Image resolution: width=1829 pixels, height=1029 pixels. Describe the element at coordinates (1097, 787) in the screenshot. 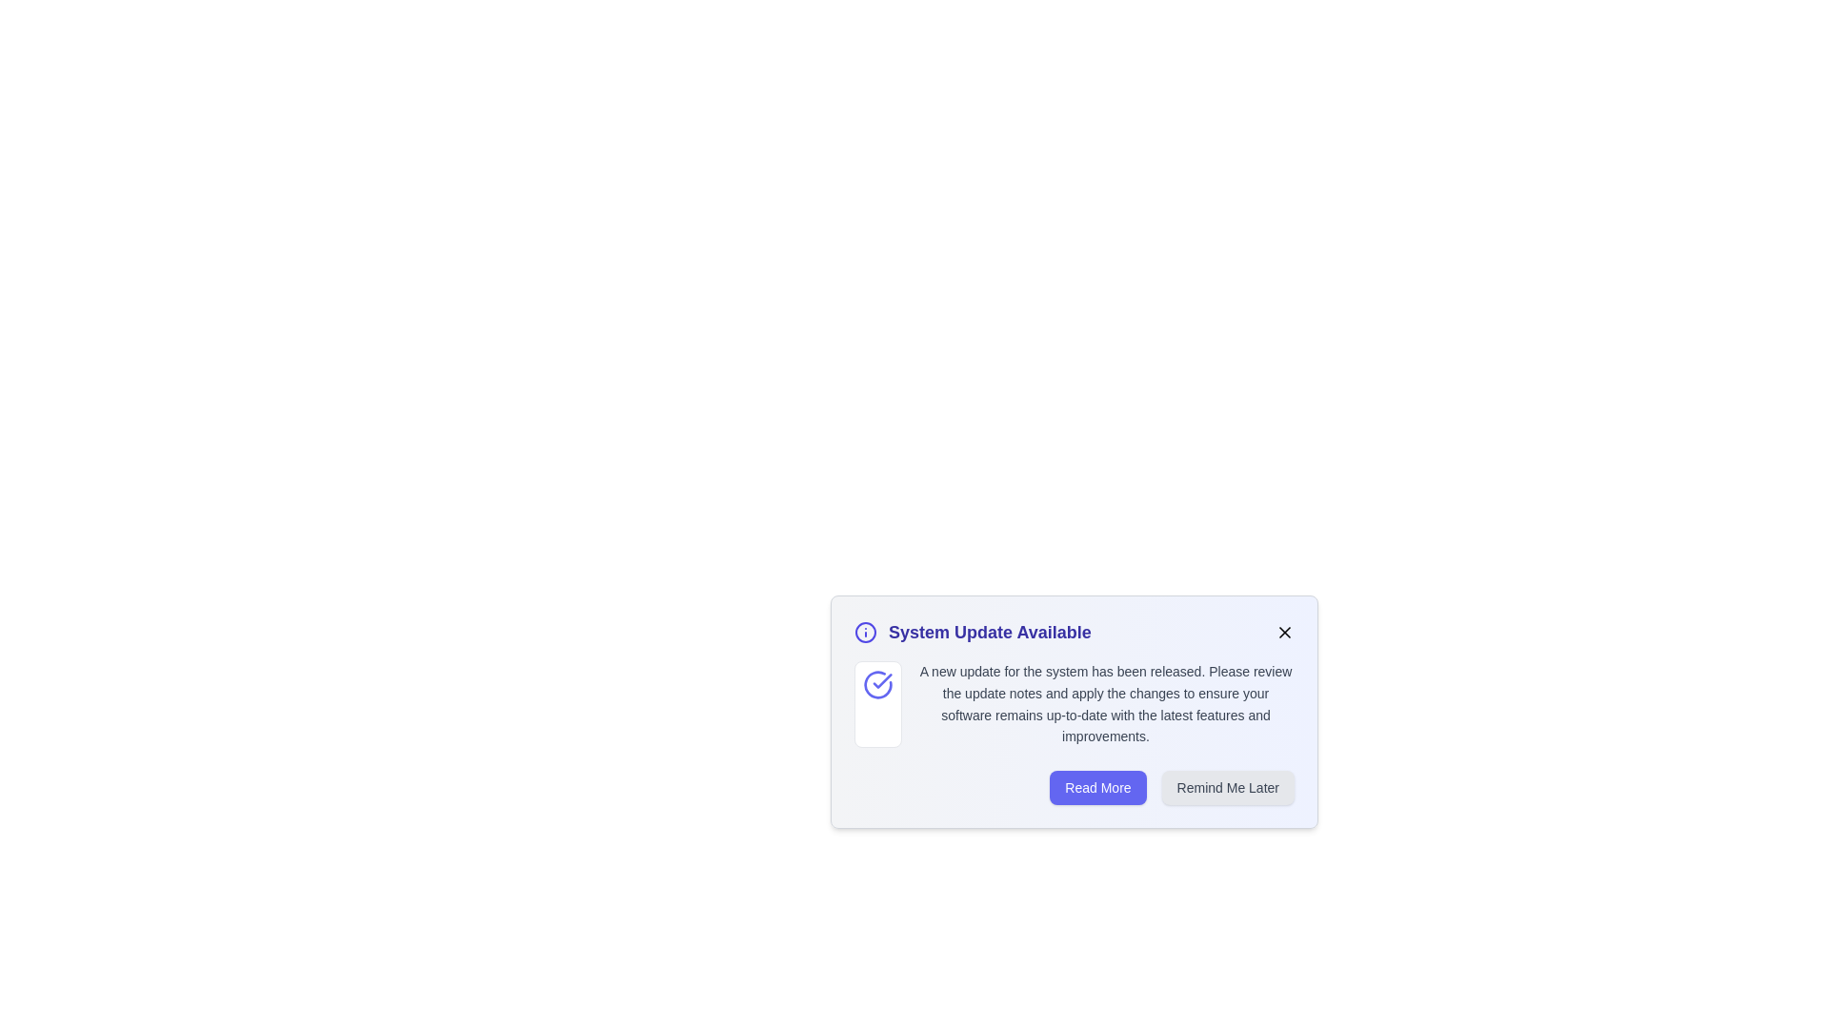

I see `the 'Read More' button` at that location.